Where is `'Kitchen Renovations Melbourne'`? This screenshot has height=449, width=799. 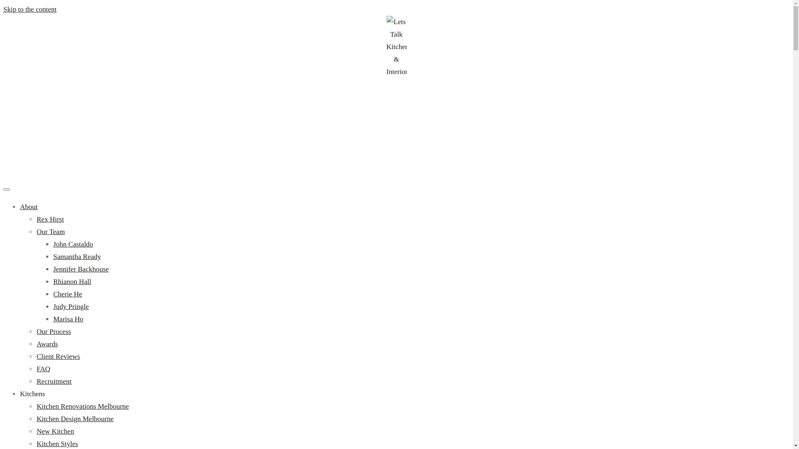
'Kitchen Renovations Melbourne' is located at coordinates (82, 406).